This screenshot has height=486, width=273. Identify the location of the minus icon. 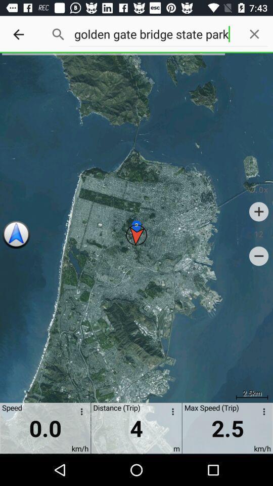
(259, 256).